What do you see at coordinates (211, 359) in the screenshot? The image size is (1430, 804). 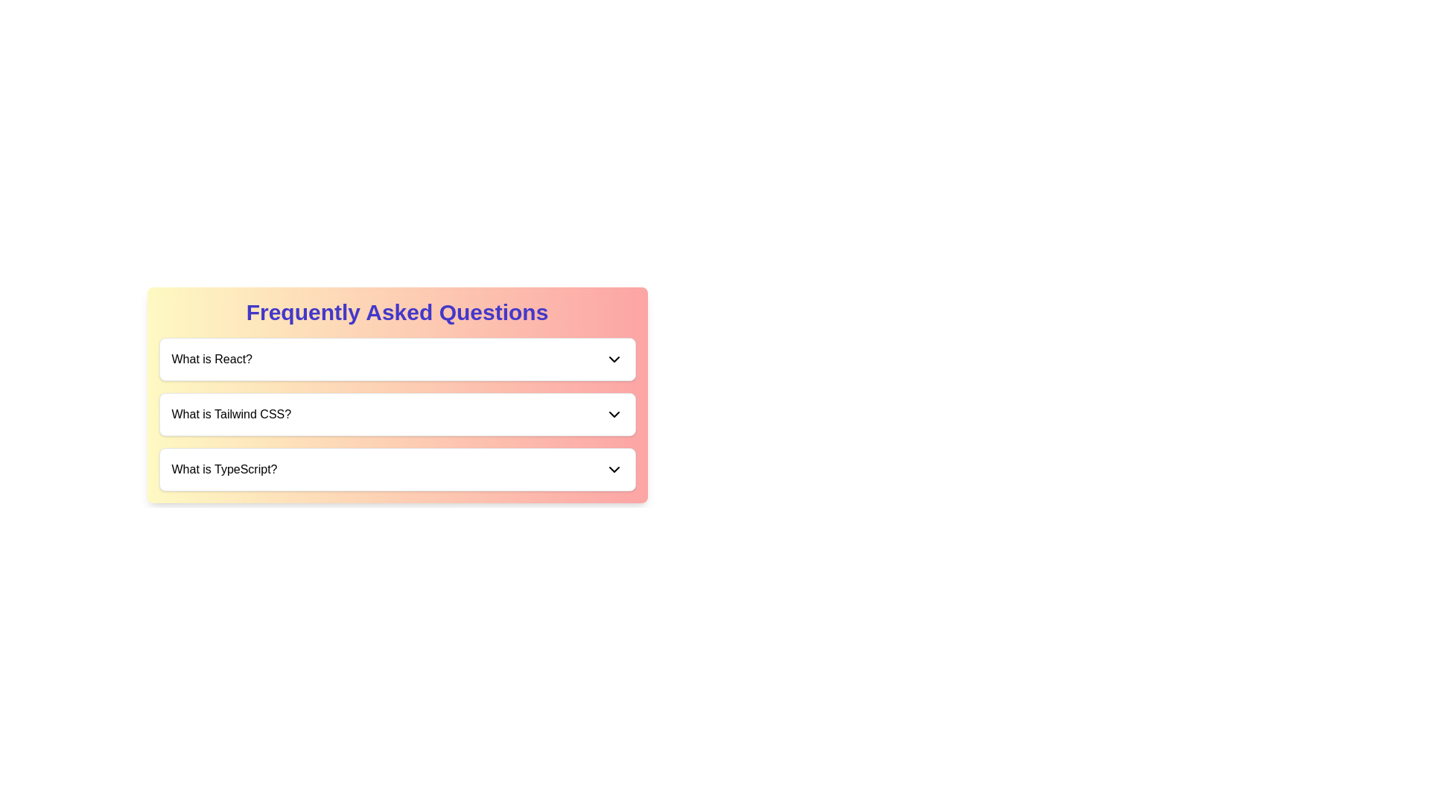 I see `the static text label reading 'What is React?' in the FAQ component, which is the left-aligned text in the first row of the question list` at bounding box center [211, 359].